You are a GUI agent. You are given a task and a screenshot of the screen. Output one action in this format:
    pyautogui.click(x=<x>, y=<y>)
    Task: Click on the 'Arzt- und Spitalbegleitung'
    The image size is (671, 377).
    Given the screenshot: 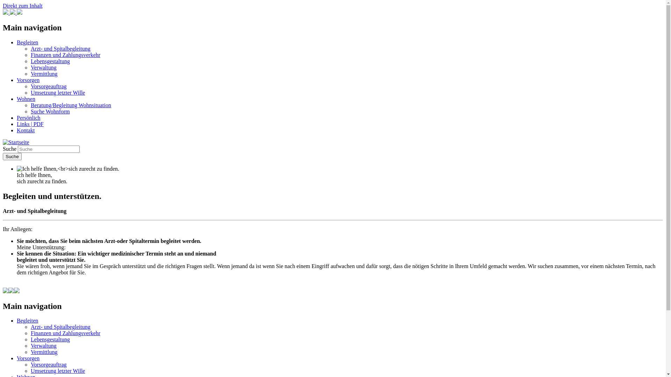 What is the action you would take?
    pyautogui.click(x=60, y=48)
    